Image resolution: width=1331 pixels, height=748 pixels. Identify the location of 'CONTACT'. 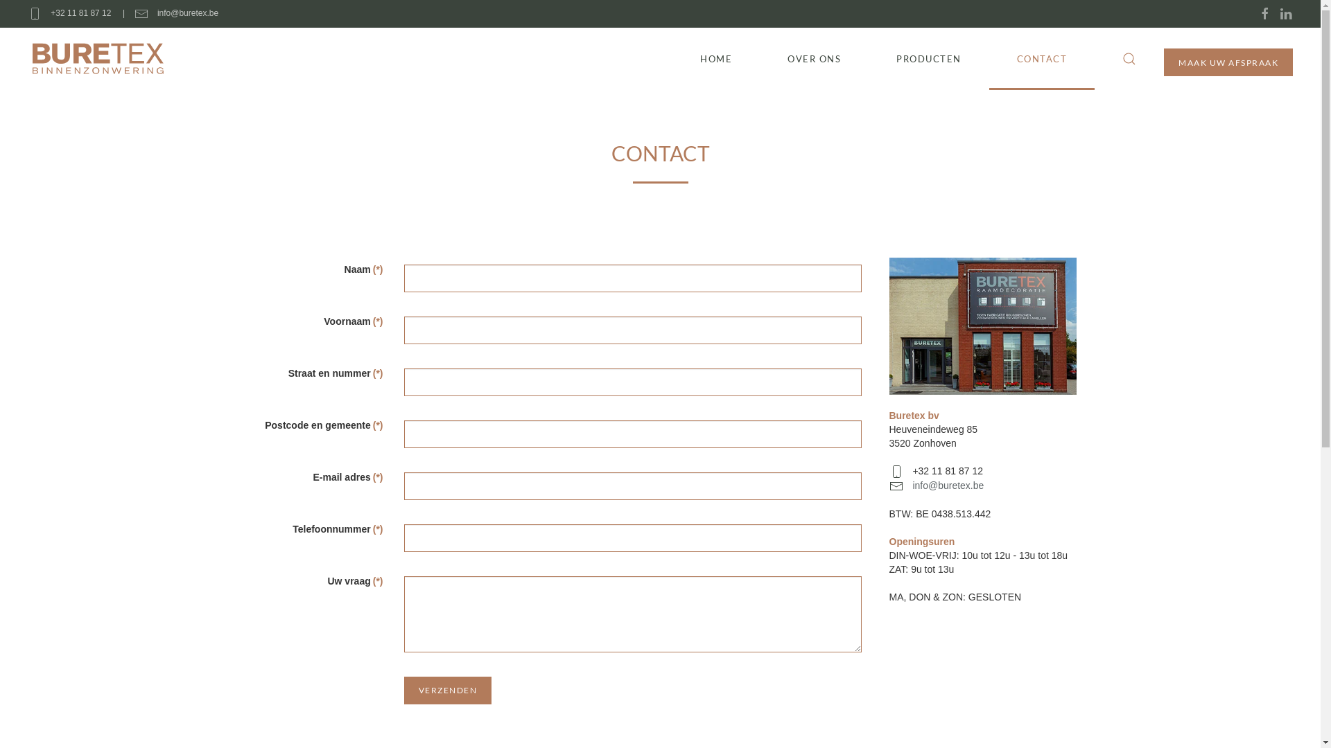
(1041, 57).